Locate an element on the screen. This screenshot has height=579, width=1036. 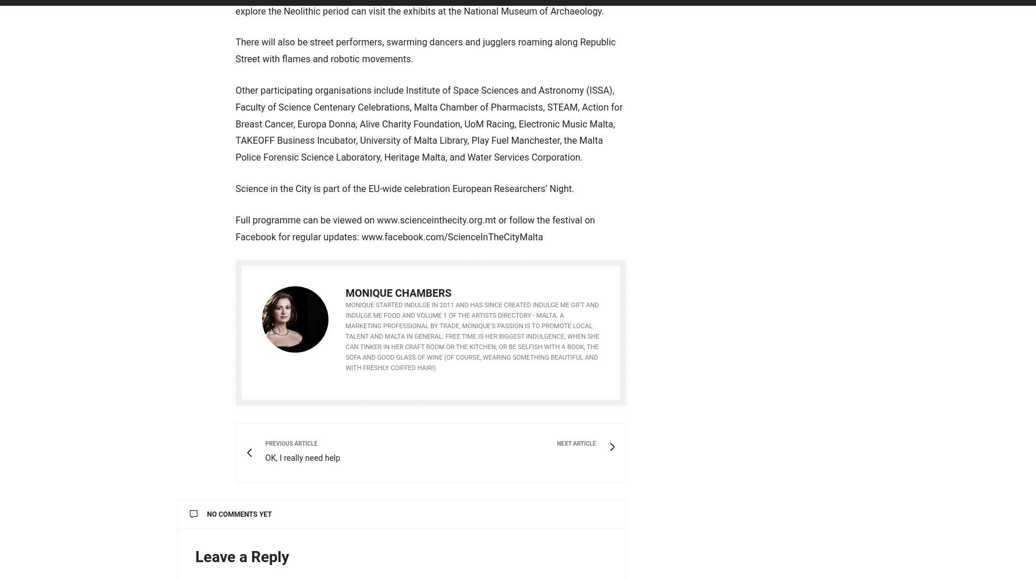
'Next Article' is located at coordinates (576, 443).